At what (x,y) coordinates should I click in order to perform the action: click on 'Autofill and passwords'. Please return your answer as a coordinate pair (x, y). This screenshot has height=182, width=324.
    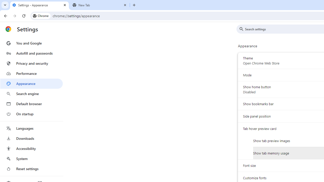
    Looking at the image, I should click on (31, 53).